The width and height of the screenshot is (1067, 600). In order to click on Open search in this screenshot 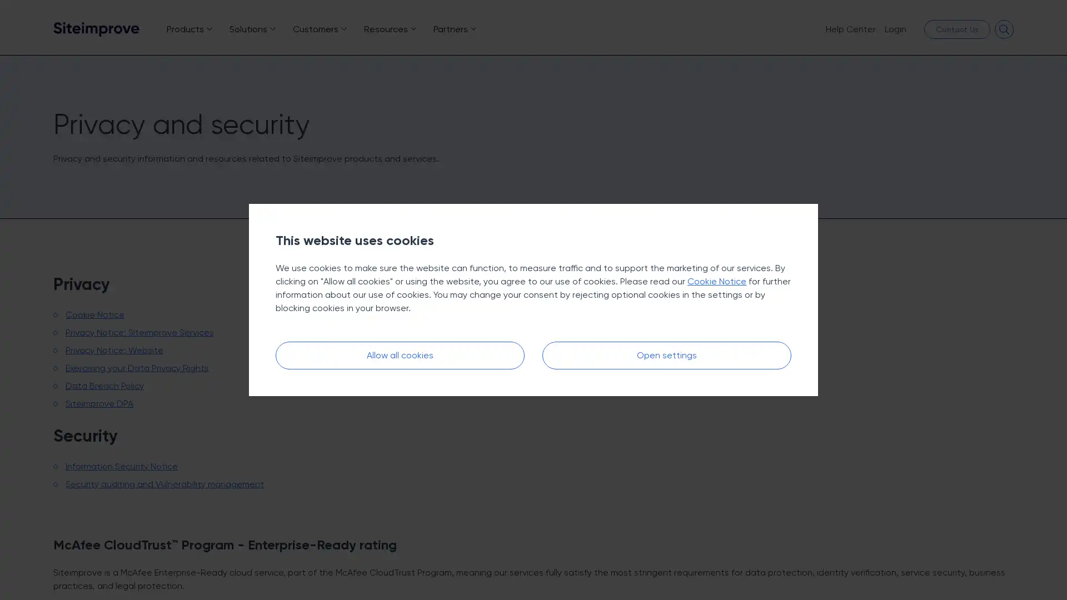, I will do `click(1004, 29)`.